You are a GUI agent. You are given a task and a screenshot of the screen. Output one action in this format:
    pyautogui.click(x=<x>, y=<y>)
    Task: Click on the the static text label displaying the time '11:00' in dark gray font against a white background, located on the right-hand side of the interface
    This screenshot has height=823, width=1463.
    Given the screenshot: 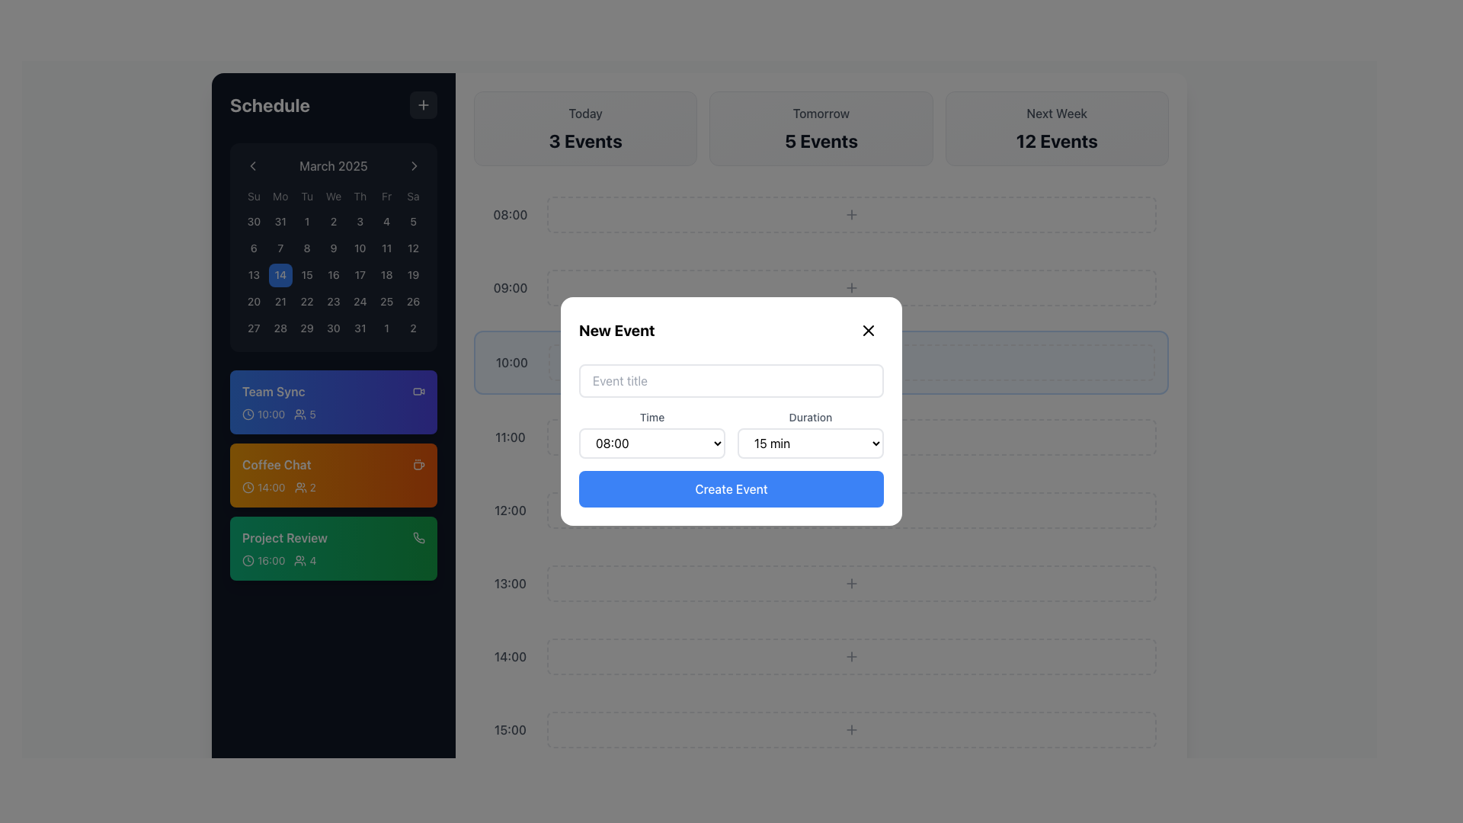 What is the action you would take?
    pyautogui.click(x=511, y=437)
    